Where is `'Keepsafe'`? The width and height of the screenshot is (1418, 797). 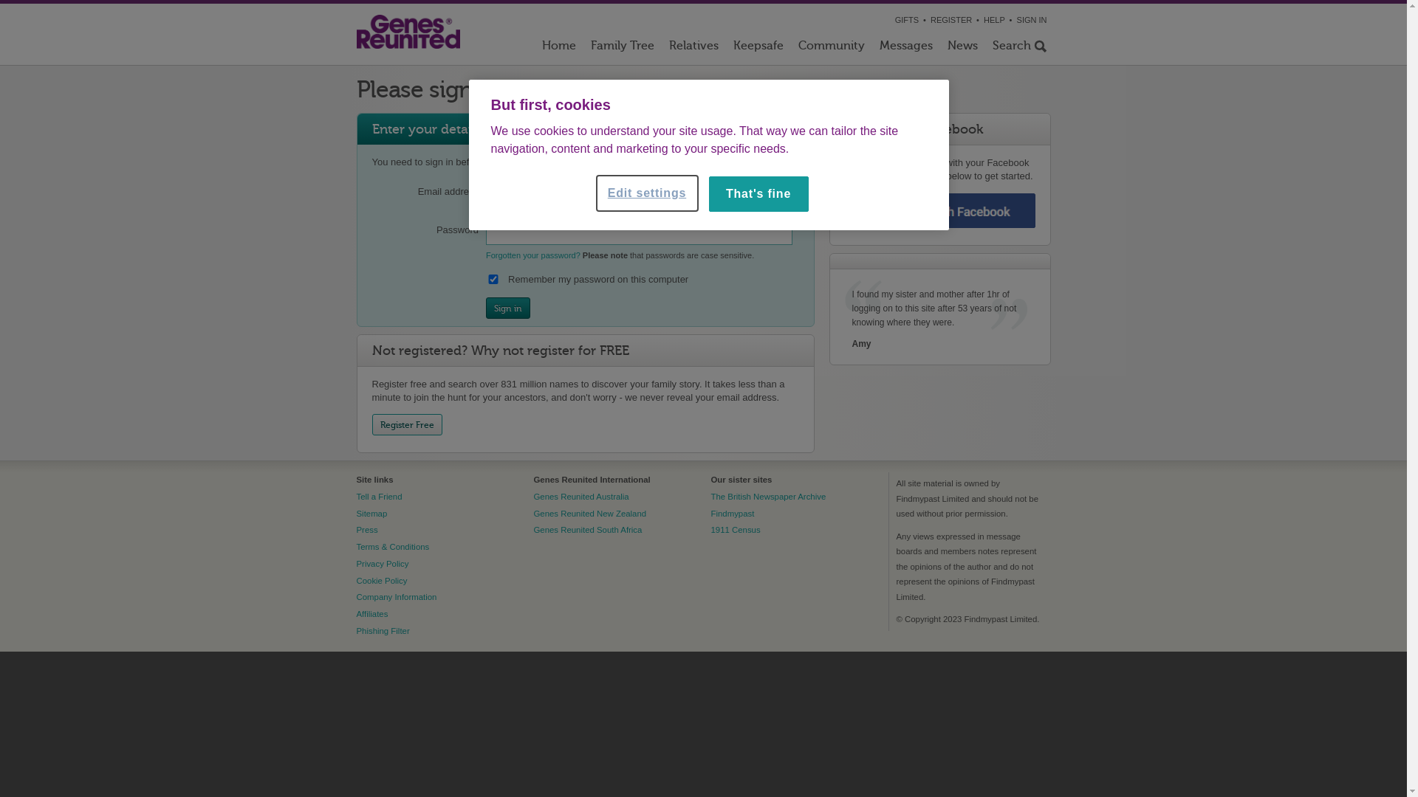 'Keepsafe' is located at coordinates (758, 48).